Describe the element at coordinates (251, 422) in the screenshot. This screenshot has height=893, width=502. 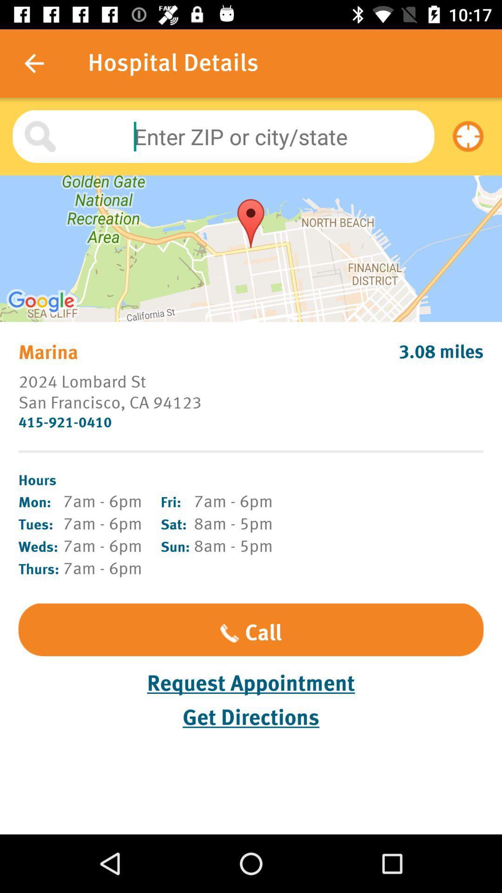
I see `the item below san francisco ca` at that location.